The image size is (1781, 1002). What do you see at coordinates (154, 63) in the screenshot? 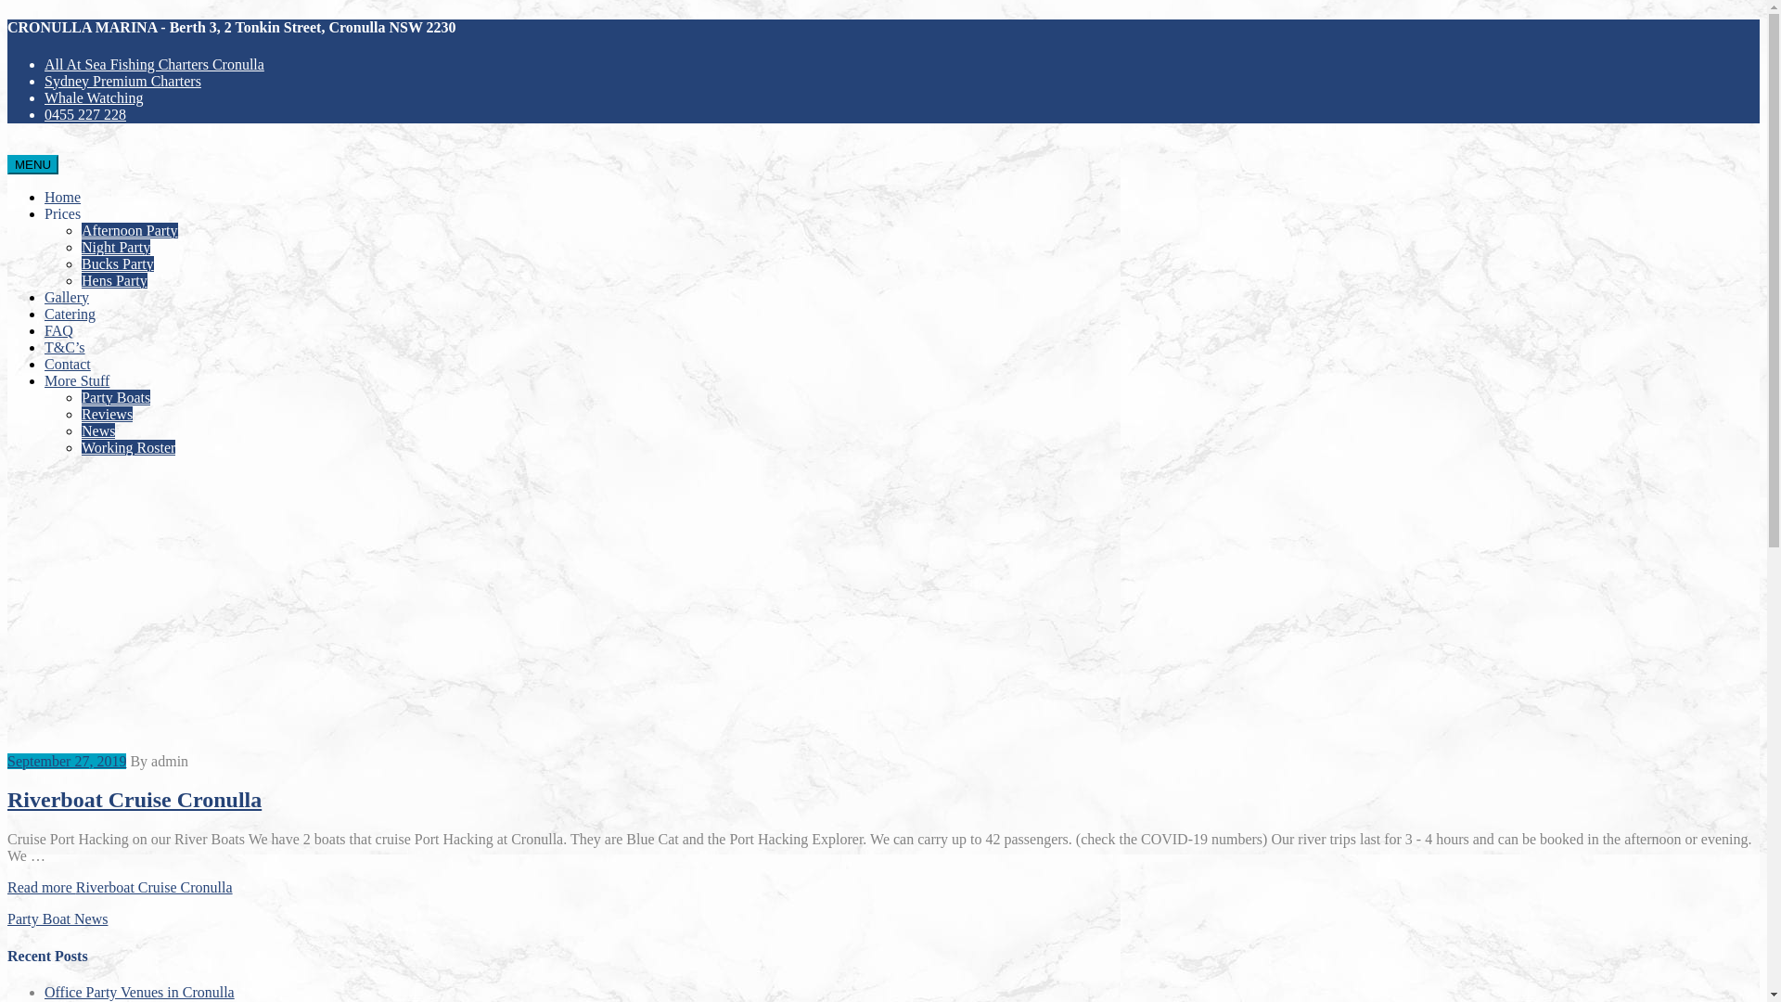
I see `'All At Sea Fishing Charters Cronulla'` at bounding box center [154, 63].